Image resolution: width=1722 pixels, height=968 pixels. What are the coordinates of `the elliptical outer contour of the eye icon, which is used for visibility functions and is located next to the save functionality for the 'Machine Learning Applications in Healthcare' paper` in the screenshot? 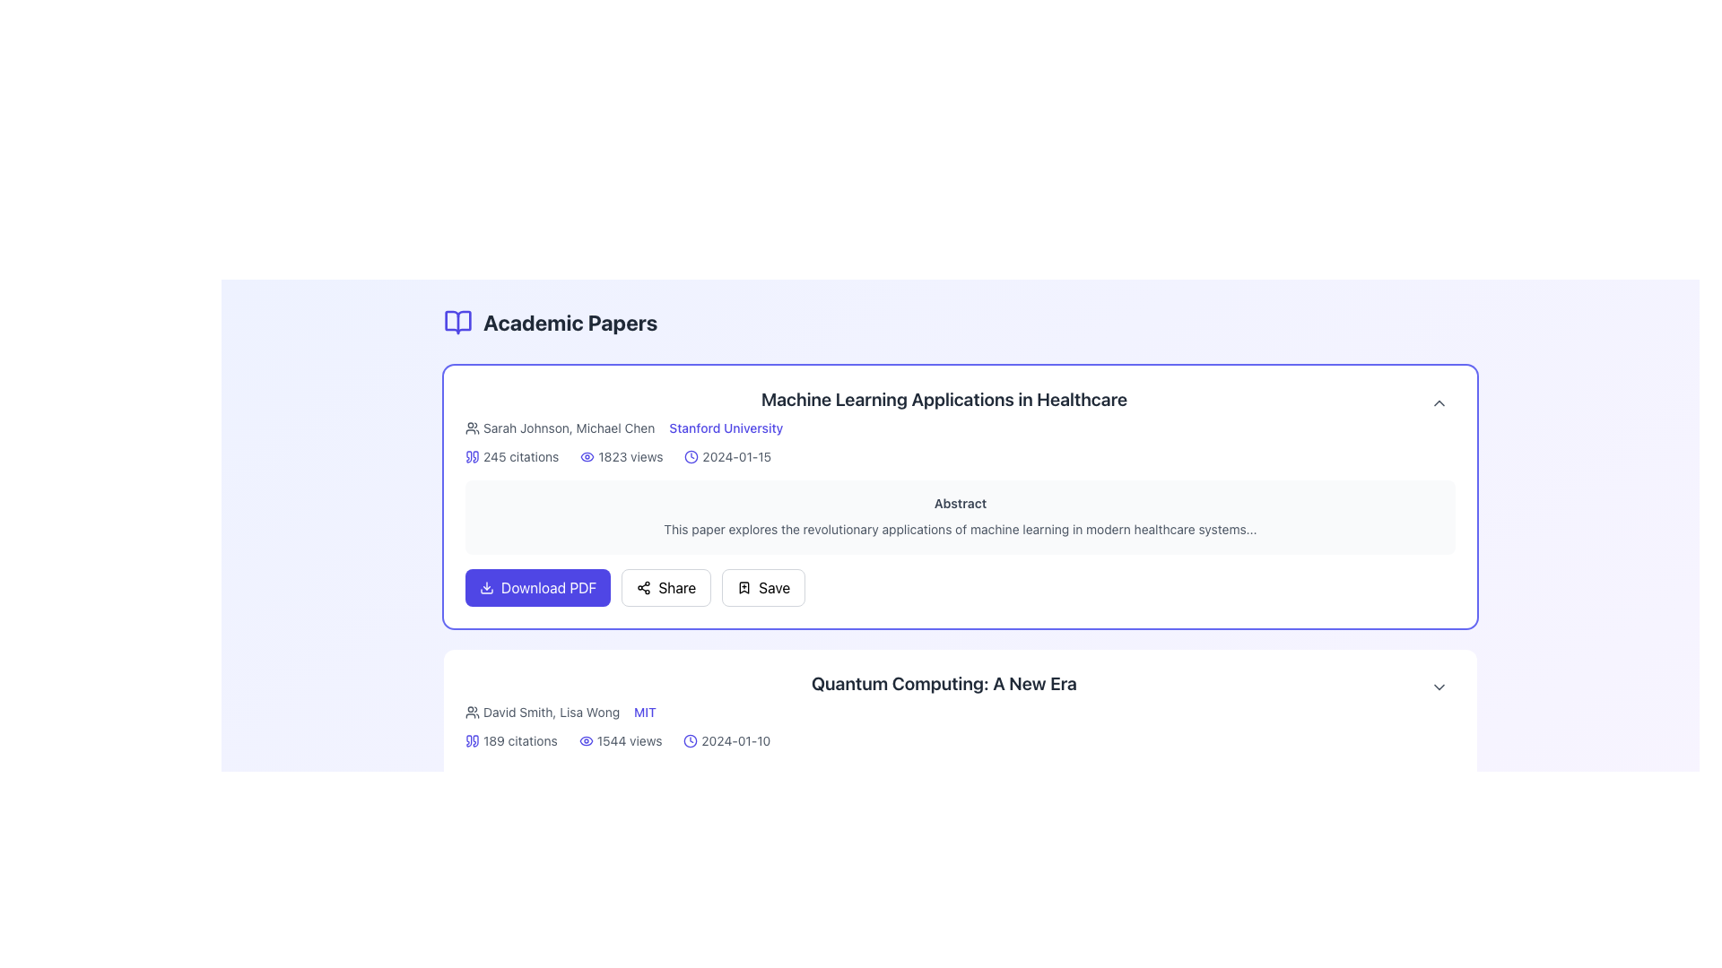 It's located at (587, 455).